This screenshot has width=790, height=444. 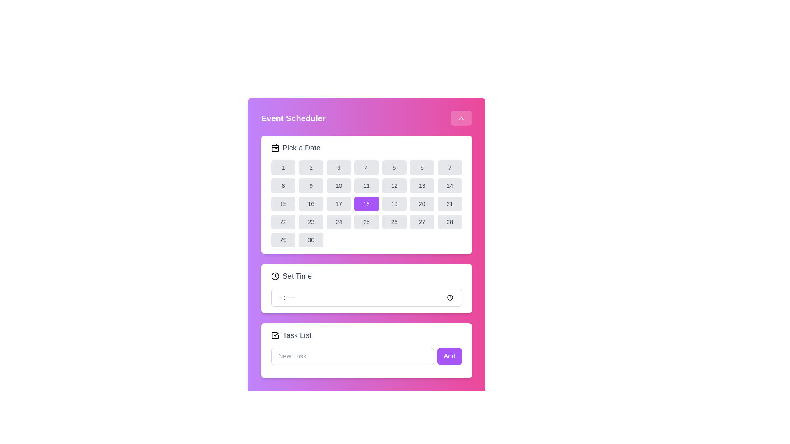 I want to click on the rectangular button labeled '20' with rounded corners and a light gray background in the date-picker grid under the 'Pick a Date' section, so click(x=422, y=203).